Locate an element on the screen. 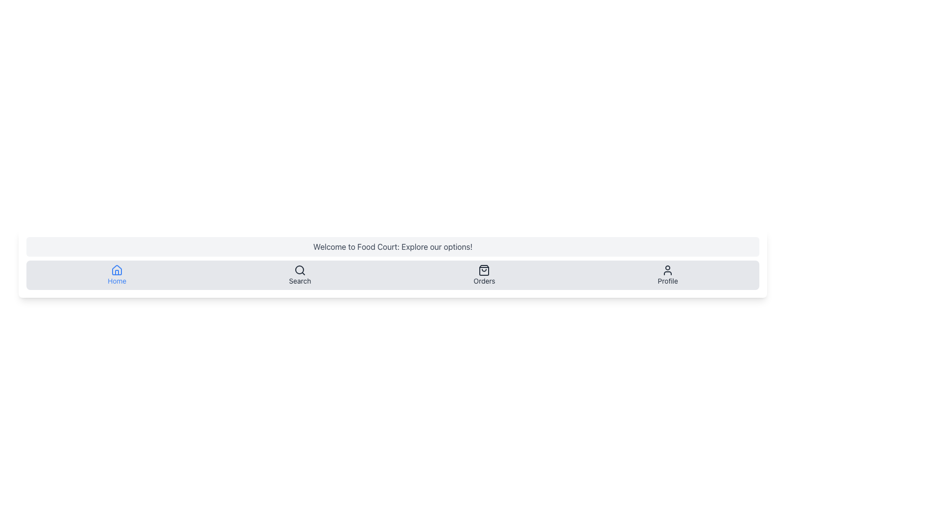 The image size is (940, 529). the 'Orders' text label located below the shopping bag icon in the bottom navigation bar is located at coordinates (484, 281).